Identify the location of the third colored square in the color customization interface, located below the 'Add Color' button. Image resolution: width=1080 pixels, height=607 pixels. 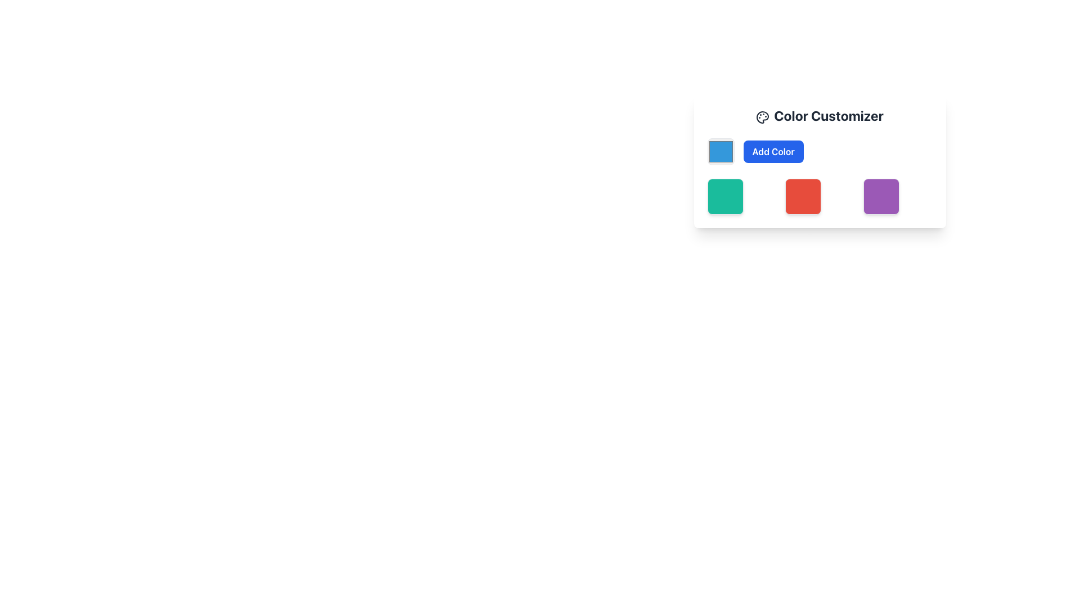
(803, 196).